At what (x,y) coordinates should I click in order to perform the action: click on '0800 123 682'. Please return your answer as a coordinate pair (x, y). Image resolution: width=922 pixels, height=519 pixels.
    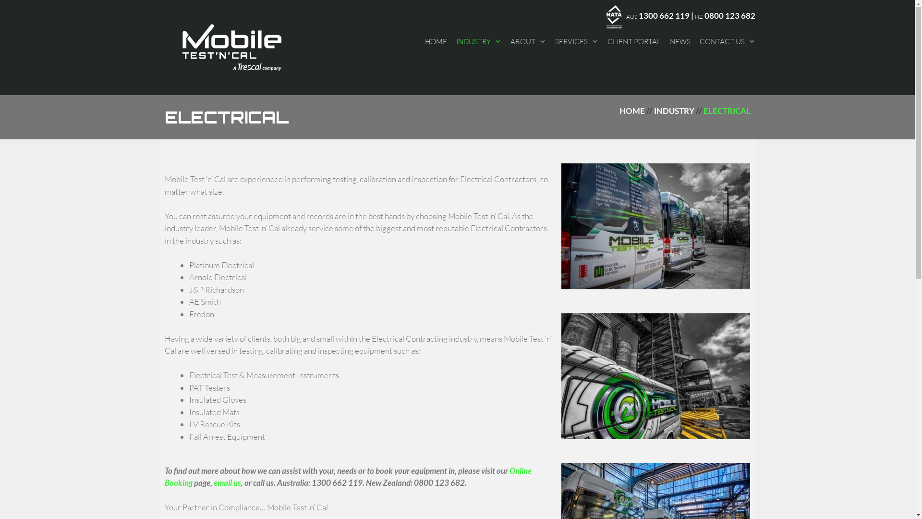
    Looking at the image, I should click on (729, 15).